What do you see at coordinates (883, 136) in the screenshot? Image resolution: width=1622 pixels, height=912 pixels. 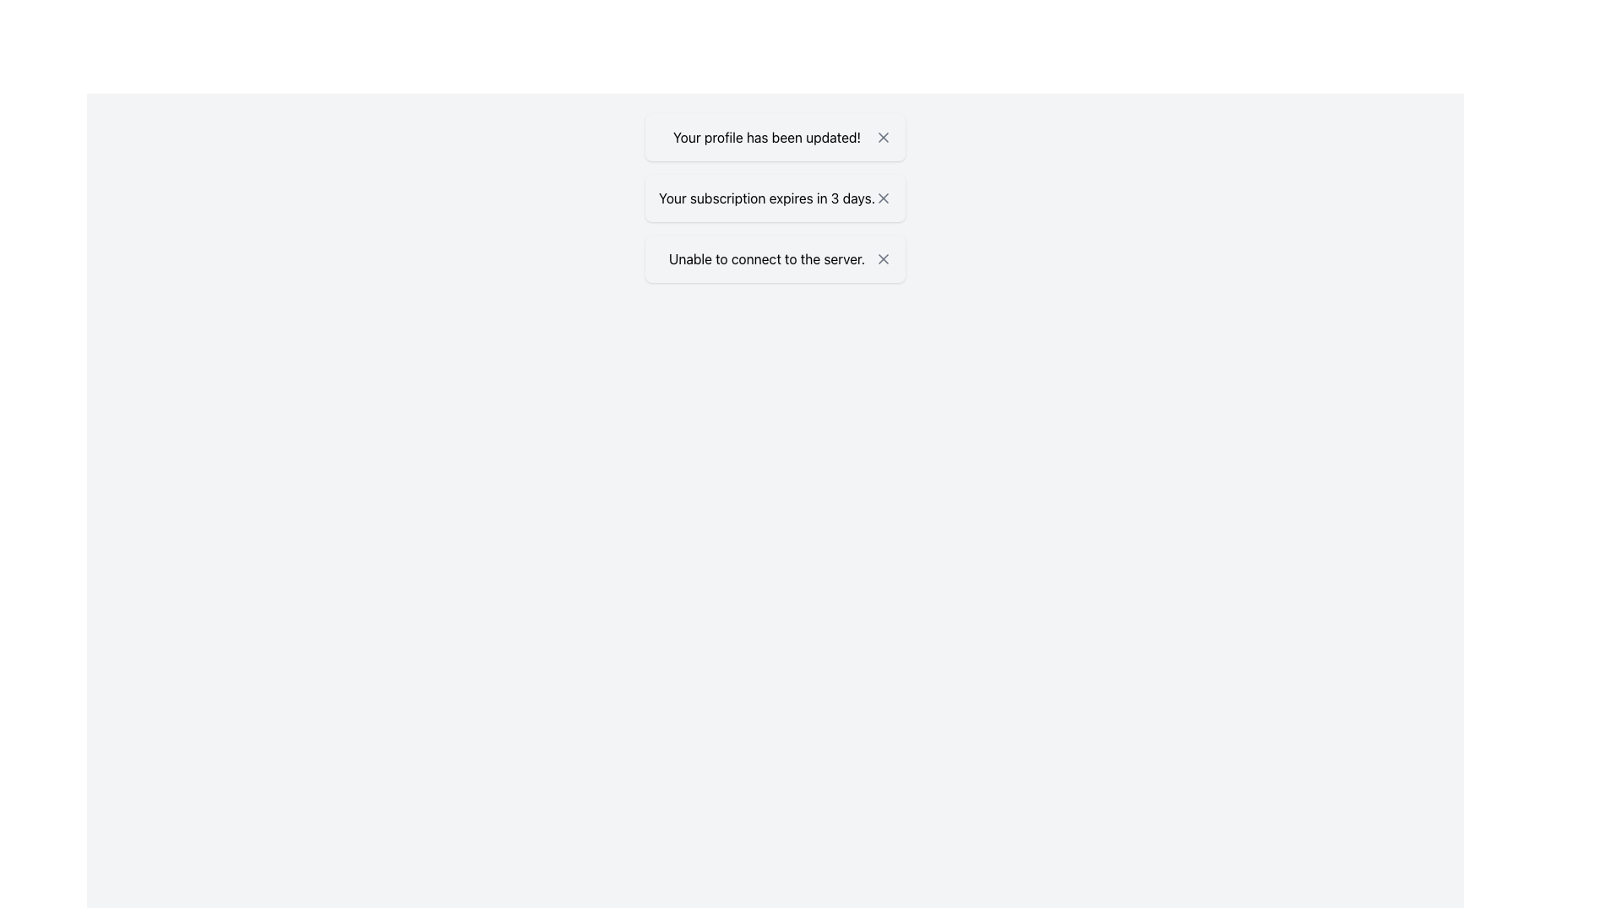 I see `the dismiss icon located to the right of the notification box that says 'Your profile has been updated!'` at bounding box center [883, 136].